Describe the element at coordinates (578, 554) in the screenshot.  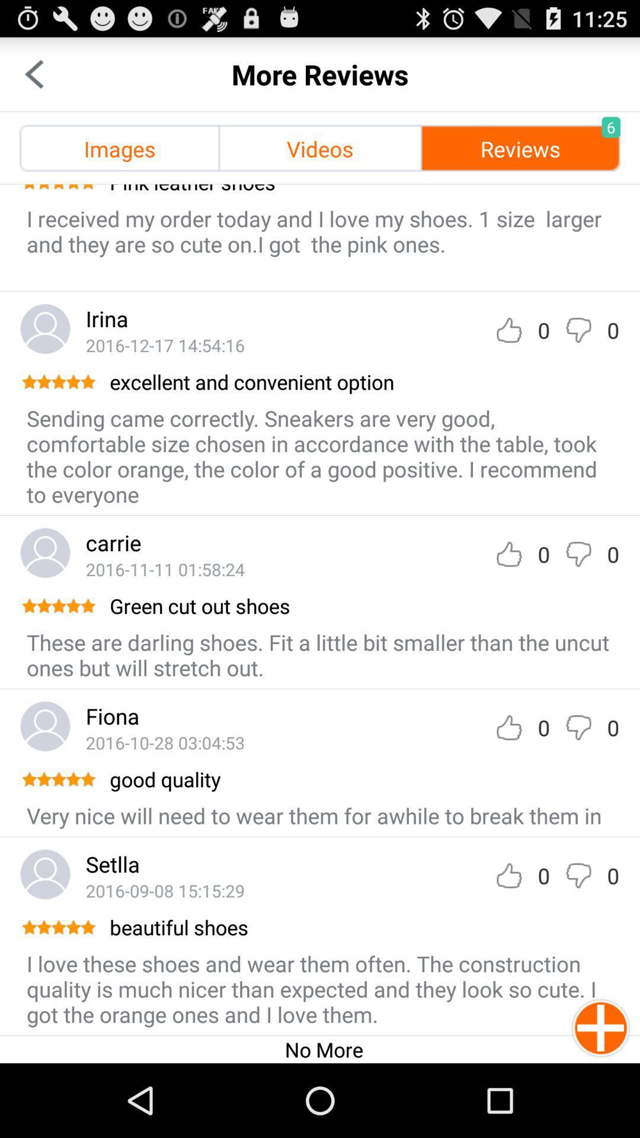
I see `thumbs down` at that location.